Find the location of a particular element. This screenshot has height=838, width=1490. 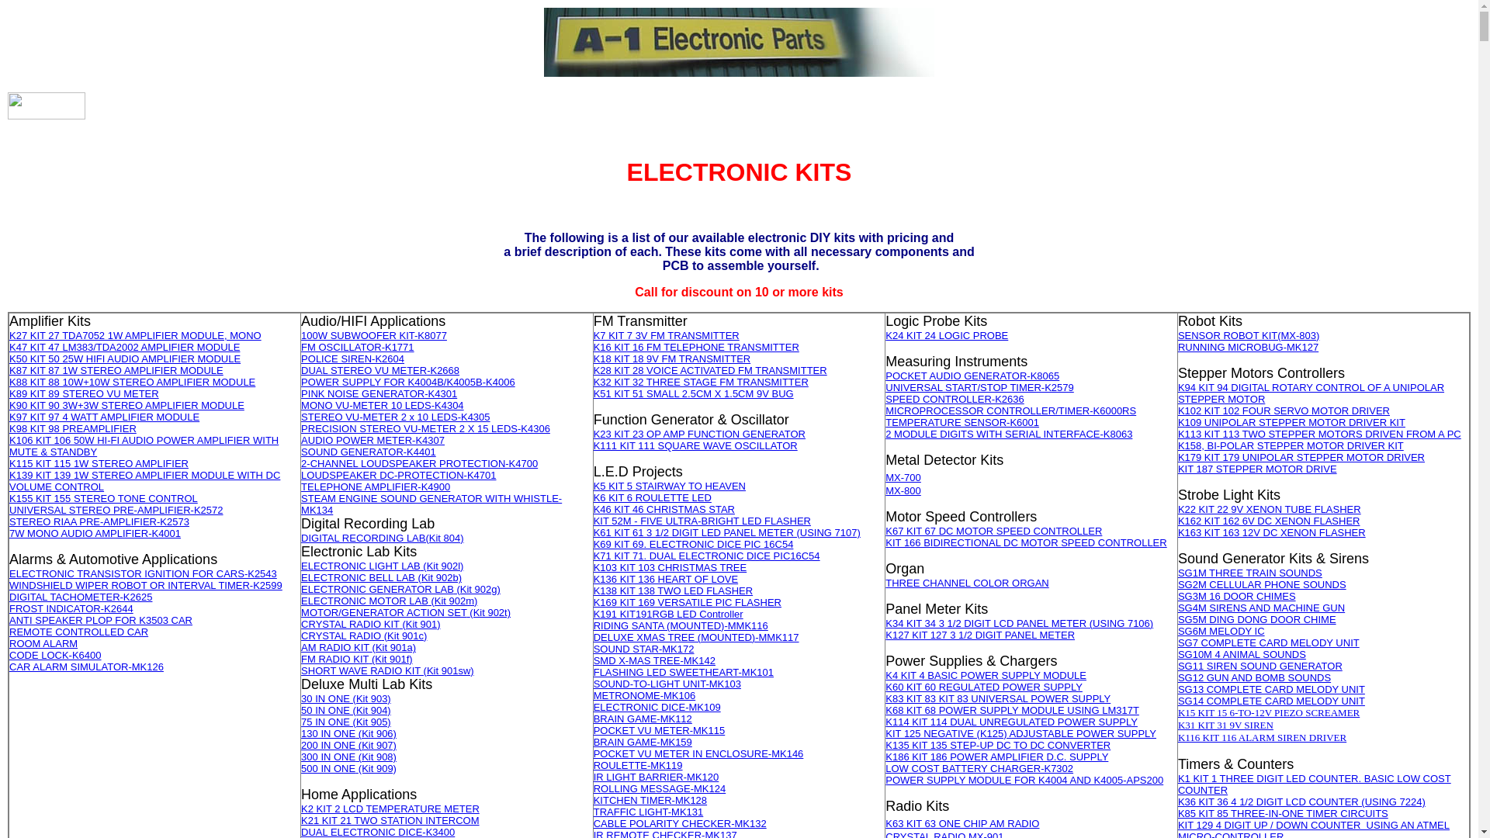

'SG3M 16 DOOR CHIMES' is located at coordinates (1235, 595).